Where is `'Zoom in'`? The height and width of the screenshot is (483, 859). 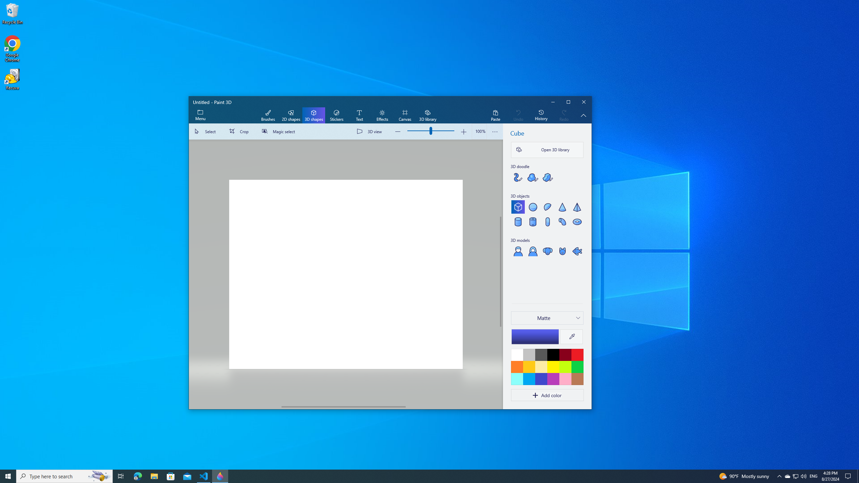 'Zoom in' is located at coordinates (463, 131).